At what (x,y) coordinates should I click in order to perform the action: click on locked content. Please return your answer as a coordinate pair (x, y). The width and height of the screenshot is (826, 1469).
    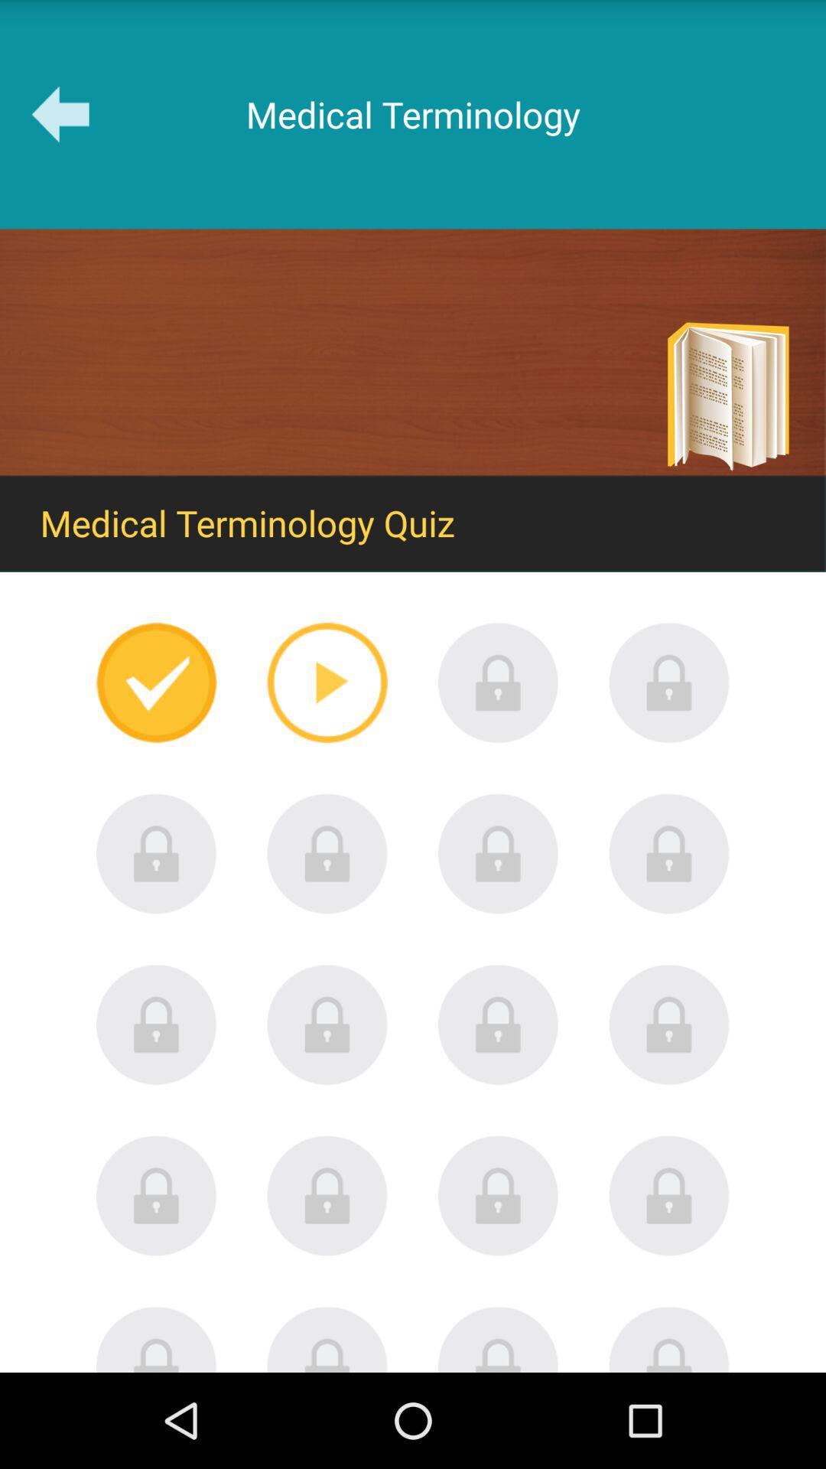
    Looking at the image, I should click on (327, 1338).